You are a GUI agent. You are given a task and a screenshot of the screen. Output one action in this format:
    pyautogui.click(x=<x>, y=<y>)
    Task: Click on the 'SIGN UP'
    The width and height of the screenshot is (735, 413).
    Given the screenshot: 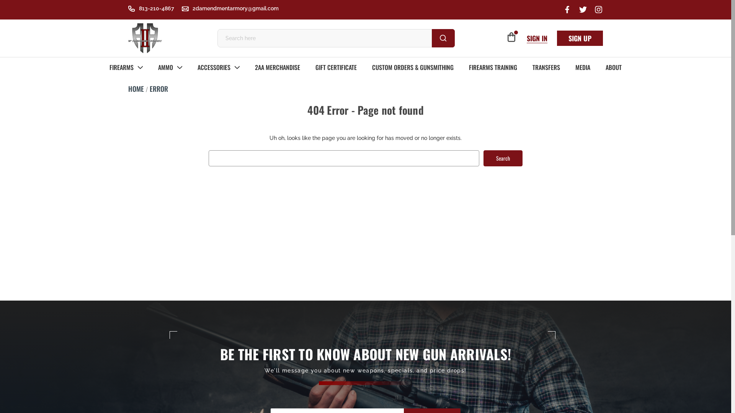 What is the action you would take?
    pyautogui.click(x=580, y=38)
    